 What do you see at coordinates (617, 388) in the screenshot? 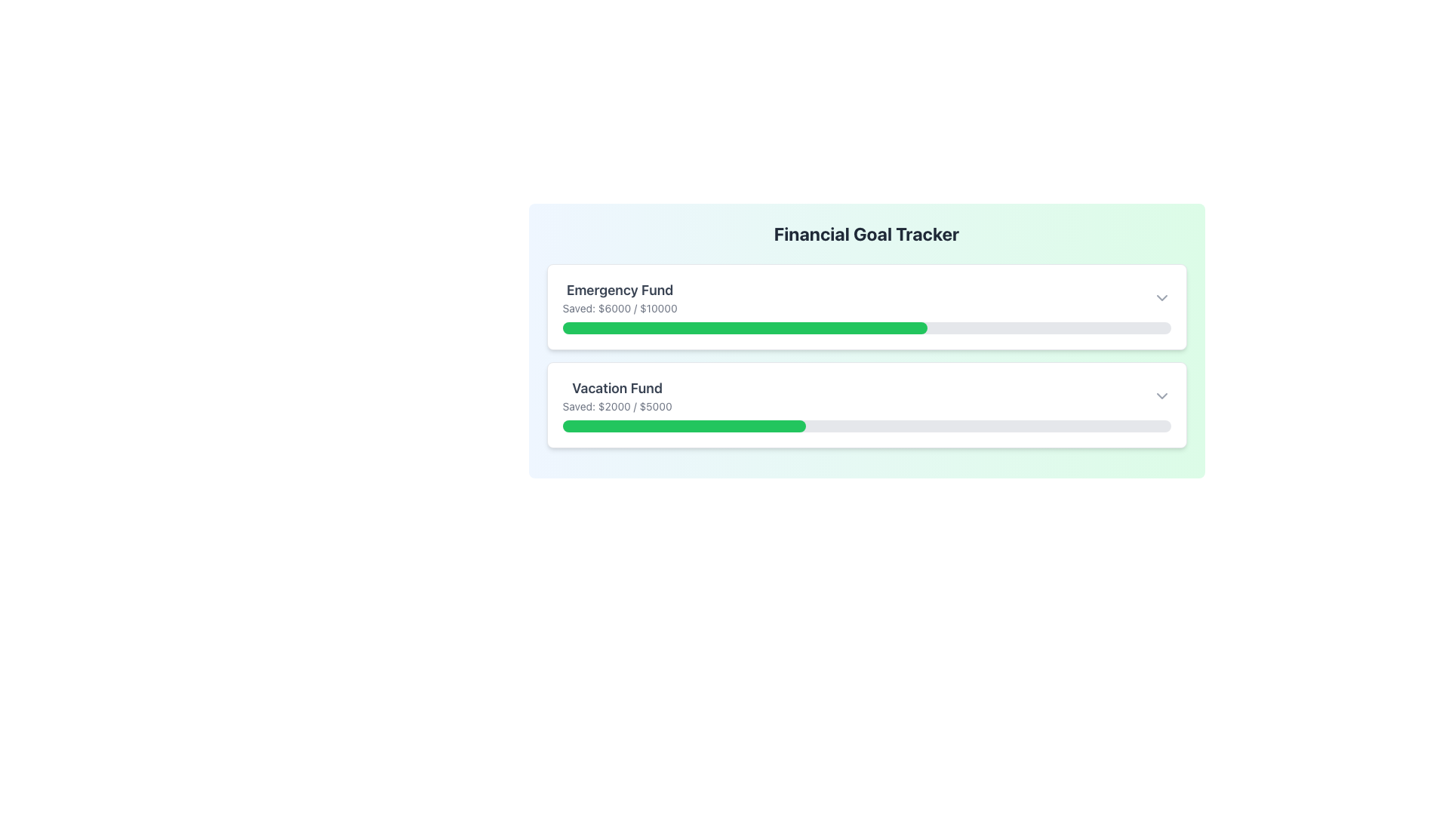
I see `the text label indicating the name of a specific financial goal, located above the 'Saved: $2000 / $5000' text in the second goal section of the financial goal tracker` at bounding box center [617, 388].